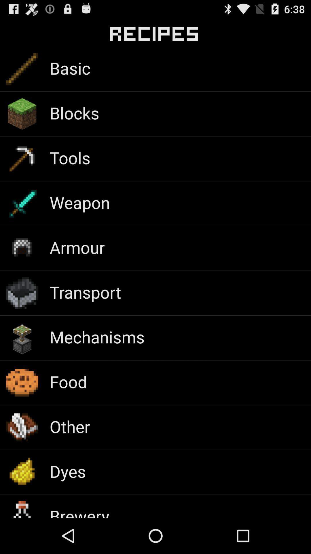  What do you see at coordinates (85, 292) in the screenshot?
I see `transport` at bounding box center [85, 292].